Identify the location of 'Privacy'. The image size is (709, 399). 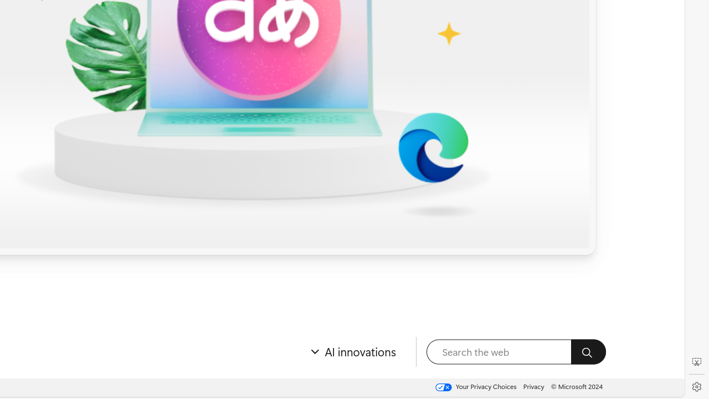
(533, 386).